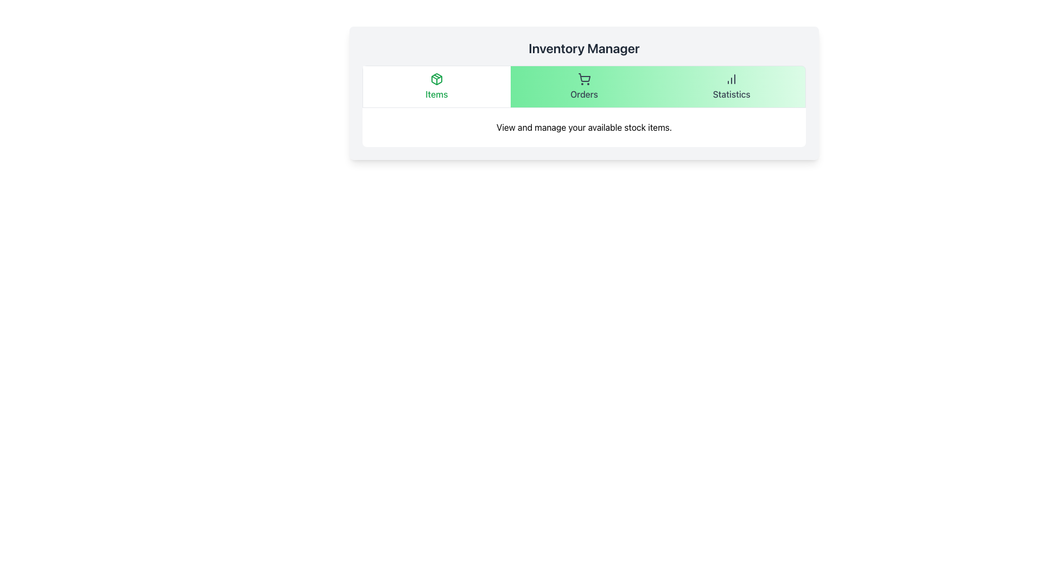 This screenshot has width=1042, height=586. Describe the element at coordinates (583, 127) in the screenshot. I see `the informational Text Label located below the navigation menu, which describes the purpose or content of the current section` at that location.